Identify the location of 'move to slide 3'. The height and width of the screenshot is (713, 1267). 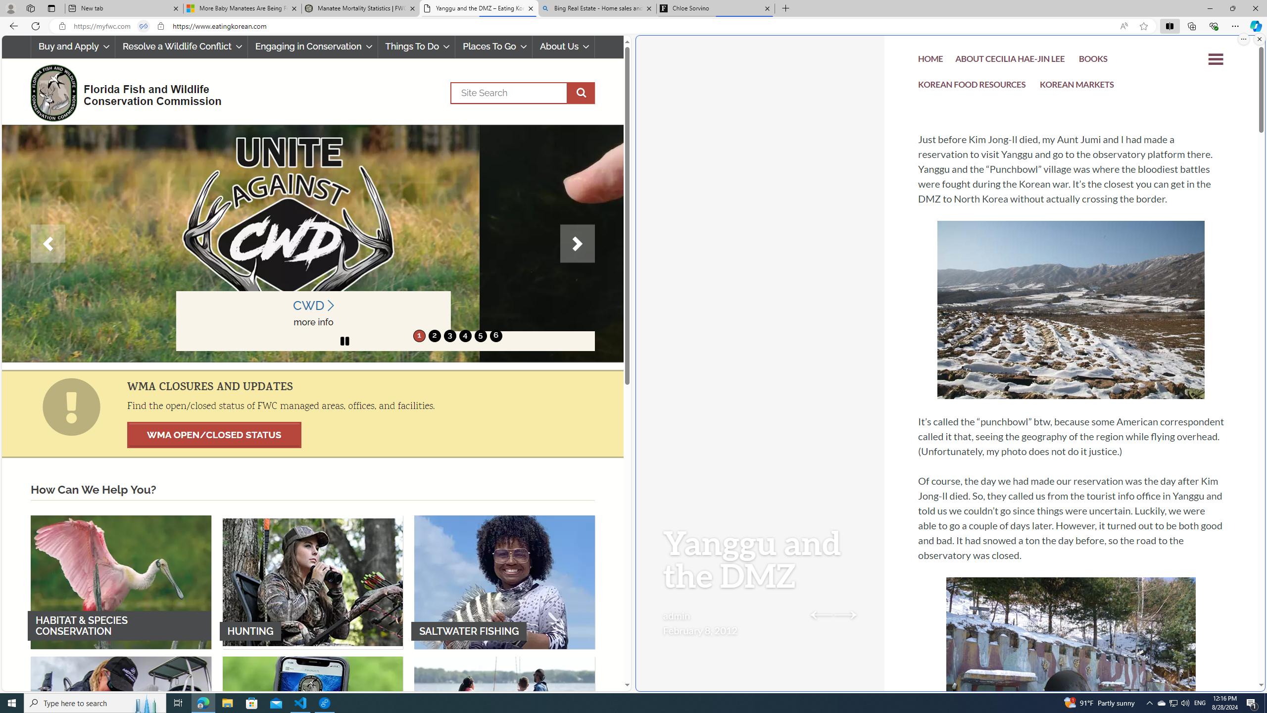
(449, 335).